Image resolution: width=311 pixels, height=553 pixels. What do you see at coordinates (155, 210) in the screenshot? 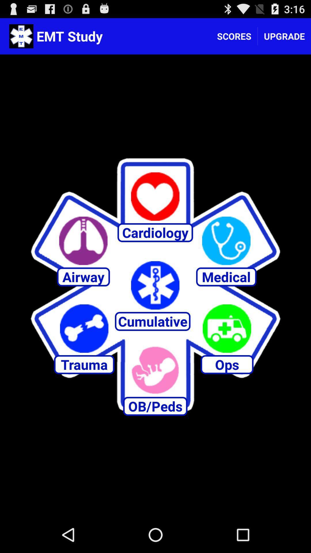
I see `the favorite icon` at bounding box center [155, 210].